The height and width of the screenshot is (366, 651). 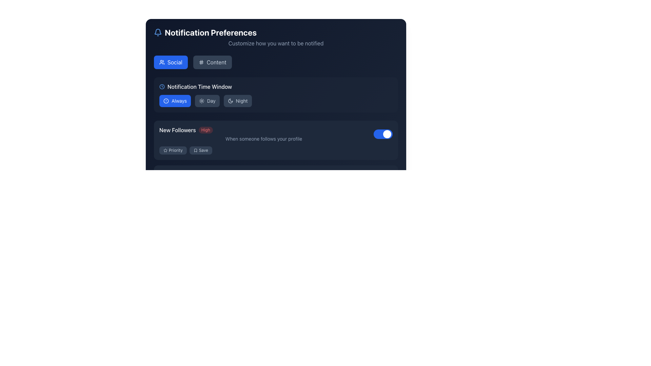 I want to click on the contextual significance of the unfilled star-shaped icon located to the left of the 'Priority' button in the 'New Followers' block of the 'Notification Preferences' interface, so click(x=165, y=150).